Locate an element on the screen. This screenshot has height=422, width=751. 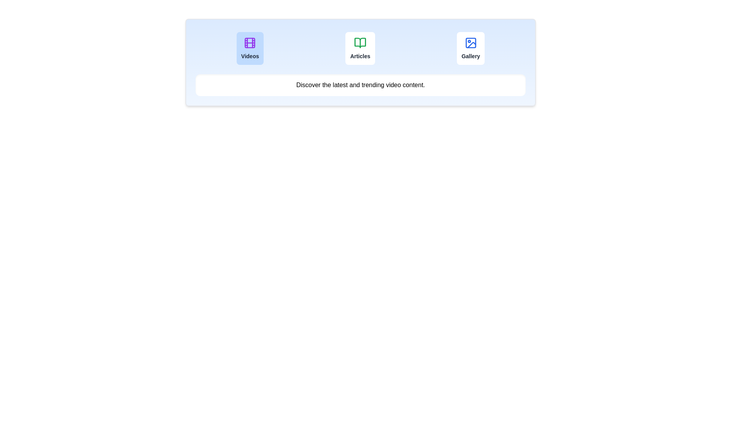
the tab button labeled 'Videos' to observe its hover effect is located at coordinates (250, 48).